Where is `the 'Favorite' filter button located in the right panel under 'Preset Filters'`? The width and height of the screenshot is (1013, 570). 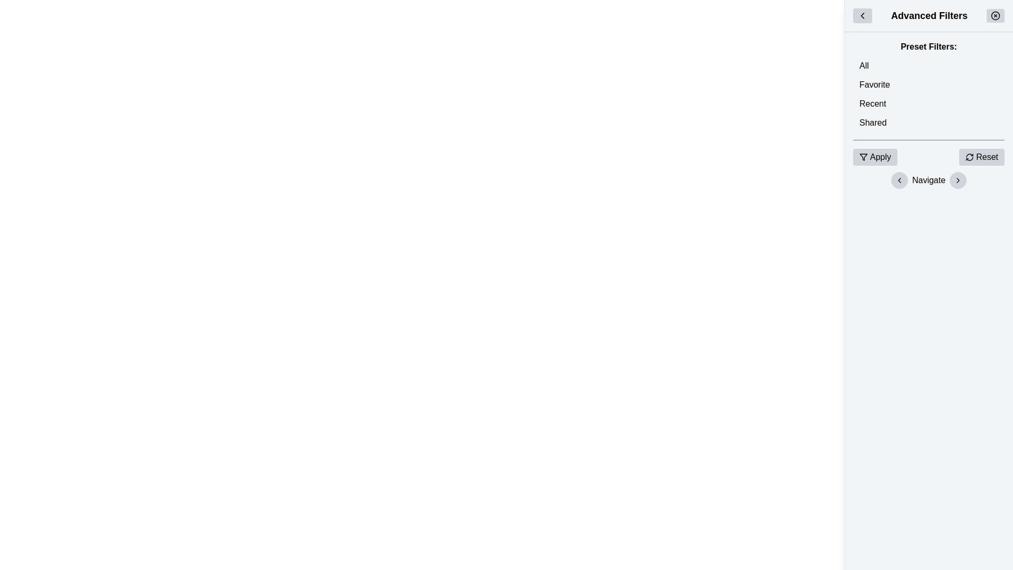
the 'Favorite' filter button located in the right panel under 'Preset Filters' is located at coordinates (929, 84).